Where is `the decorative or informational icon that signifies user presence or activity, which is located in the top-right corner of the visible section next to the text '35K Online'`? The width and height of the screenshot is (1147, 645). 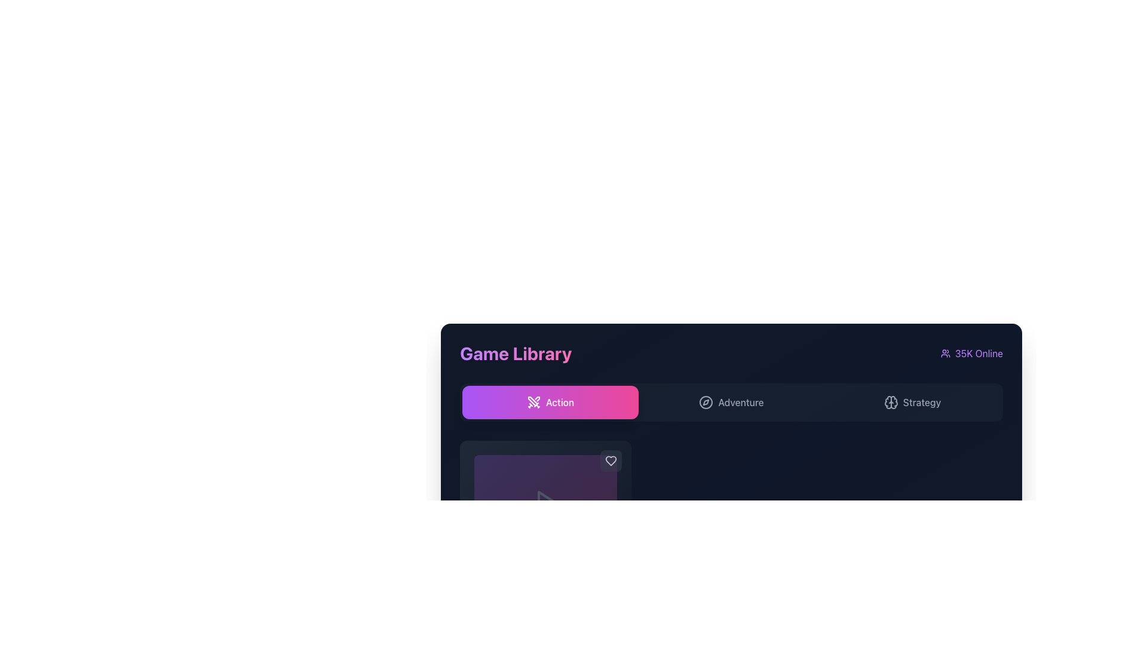 the decorative or informational icon that signifies user presence or activity, which is located in the top-right corner of the visible section next to the text '35K Online' is located at coordinates (945, 352).